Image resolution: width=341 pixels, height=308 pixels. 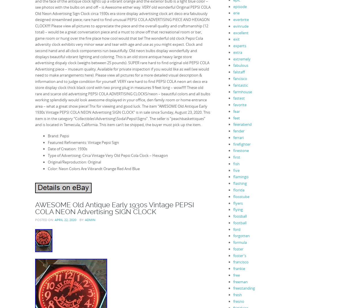 I want to click on 'episode', so click(x=240, y=6).